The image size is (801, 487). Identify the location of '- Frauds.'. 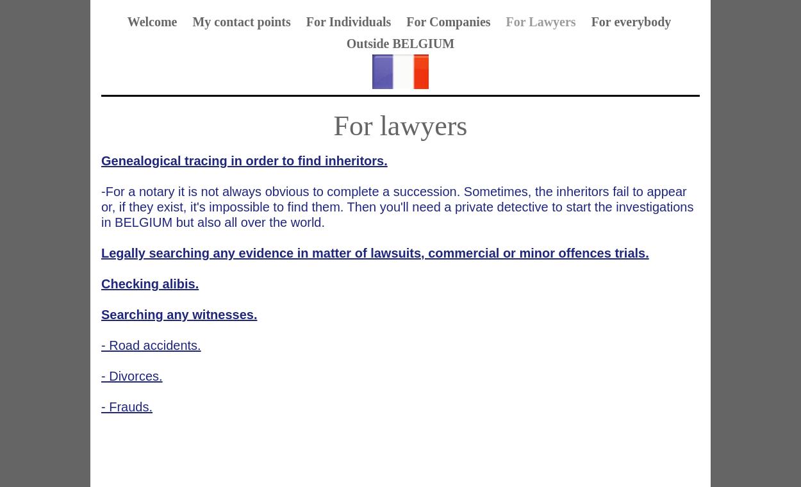
(126, 405).